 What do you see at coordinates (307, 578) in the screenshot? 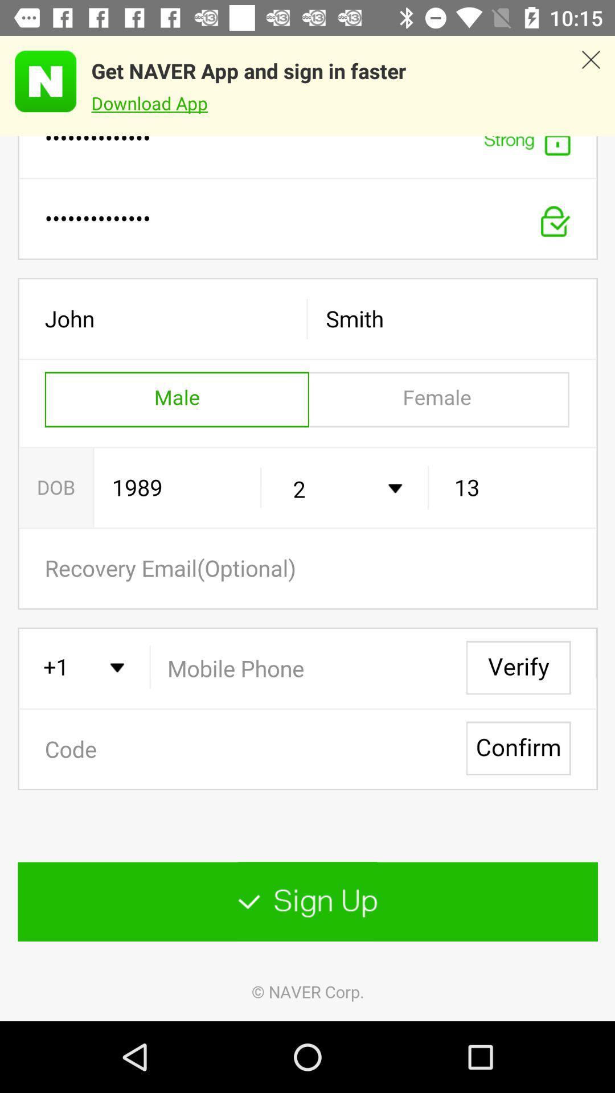
I see `screen button` at bounding box center [307, 578].